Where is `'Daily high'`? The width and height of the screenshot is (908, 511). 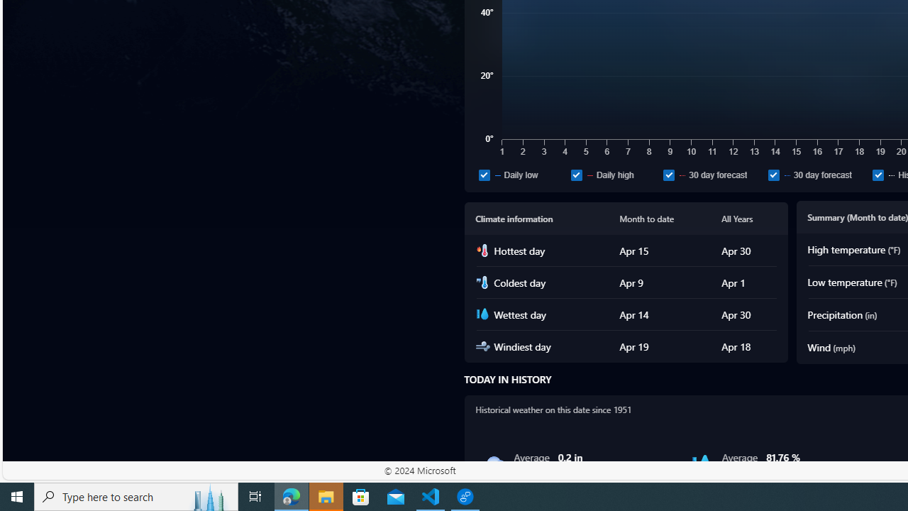 'Daily high' is located at coordinates (576, 174).